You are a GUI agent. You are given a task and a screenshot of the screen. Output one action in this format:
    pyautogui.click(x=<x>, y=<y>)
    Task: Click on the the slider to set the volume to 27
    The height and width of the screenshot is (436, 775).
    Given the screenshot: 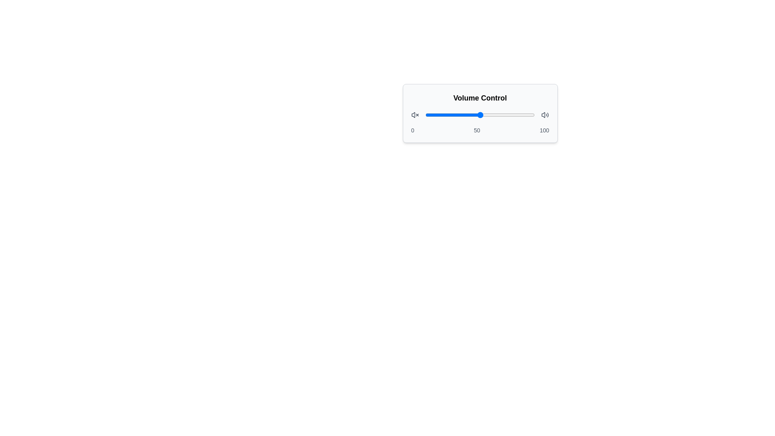 What is the action you would take?
    pyautogui.click(x=455, y=115)
    